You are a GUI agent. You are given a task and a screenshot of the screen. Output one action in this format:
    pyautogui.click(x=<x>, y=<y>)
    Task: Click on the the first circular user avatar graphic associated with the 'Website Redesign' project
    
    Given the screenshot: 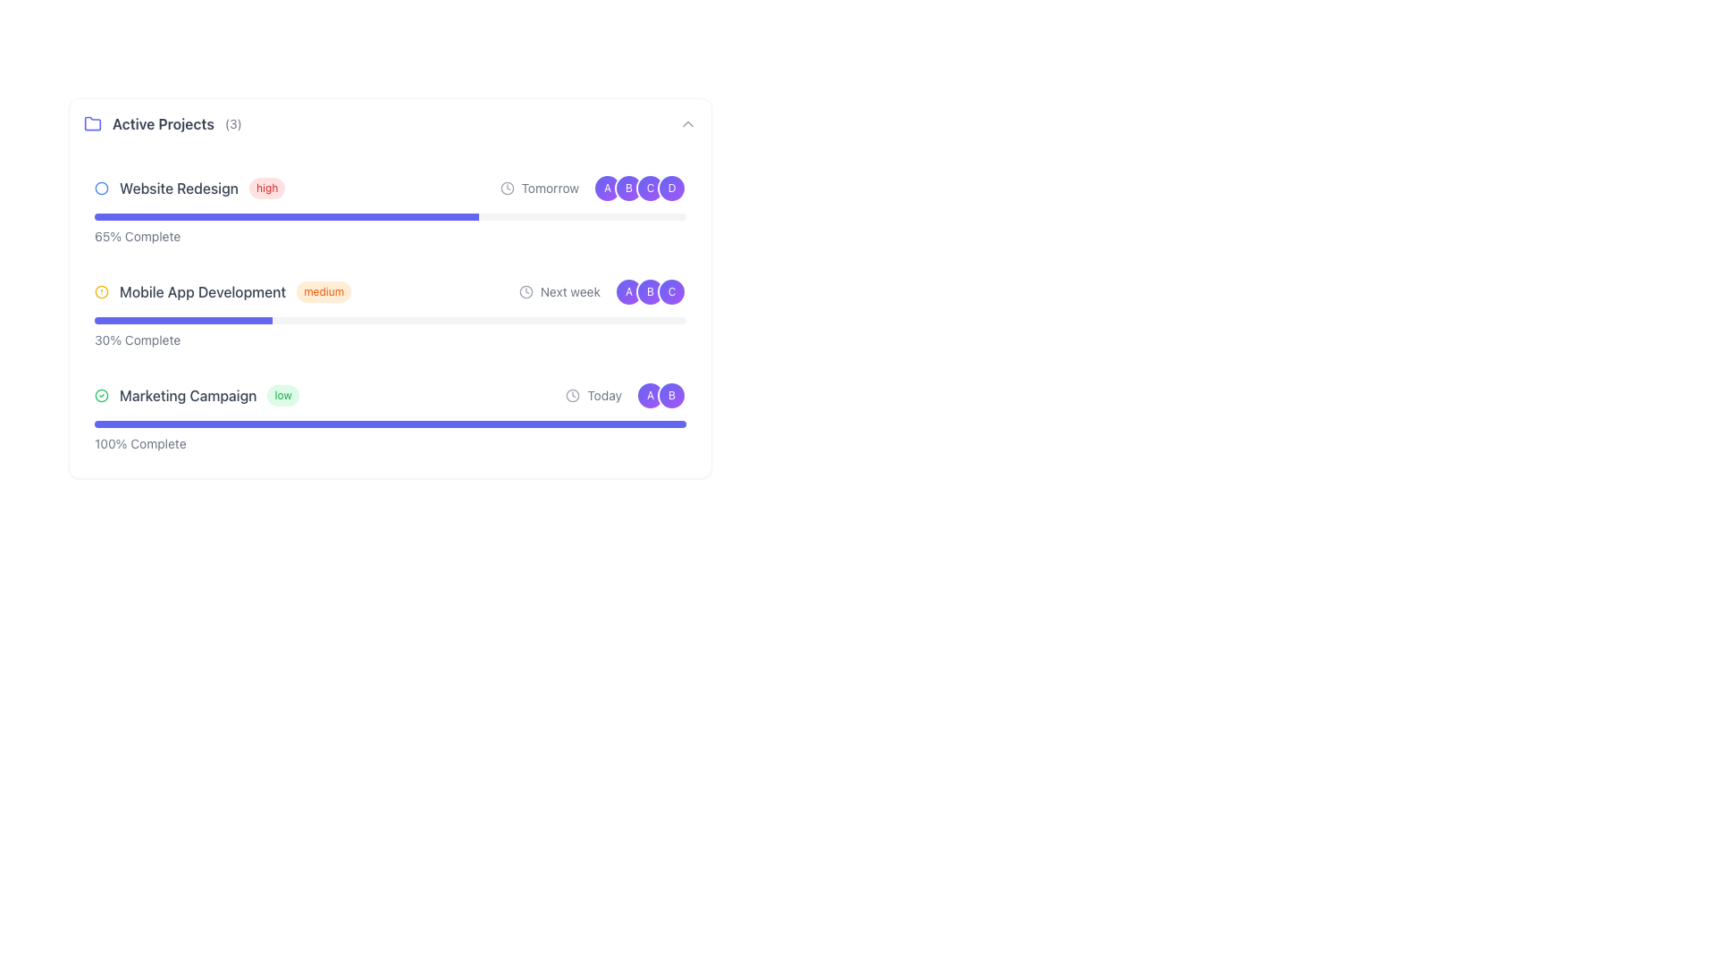 What is the action you would take?
    pyautogui.click(x=608, y=189)
    